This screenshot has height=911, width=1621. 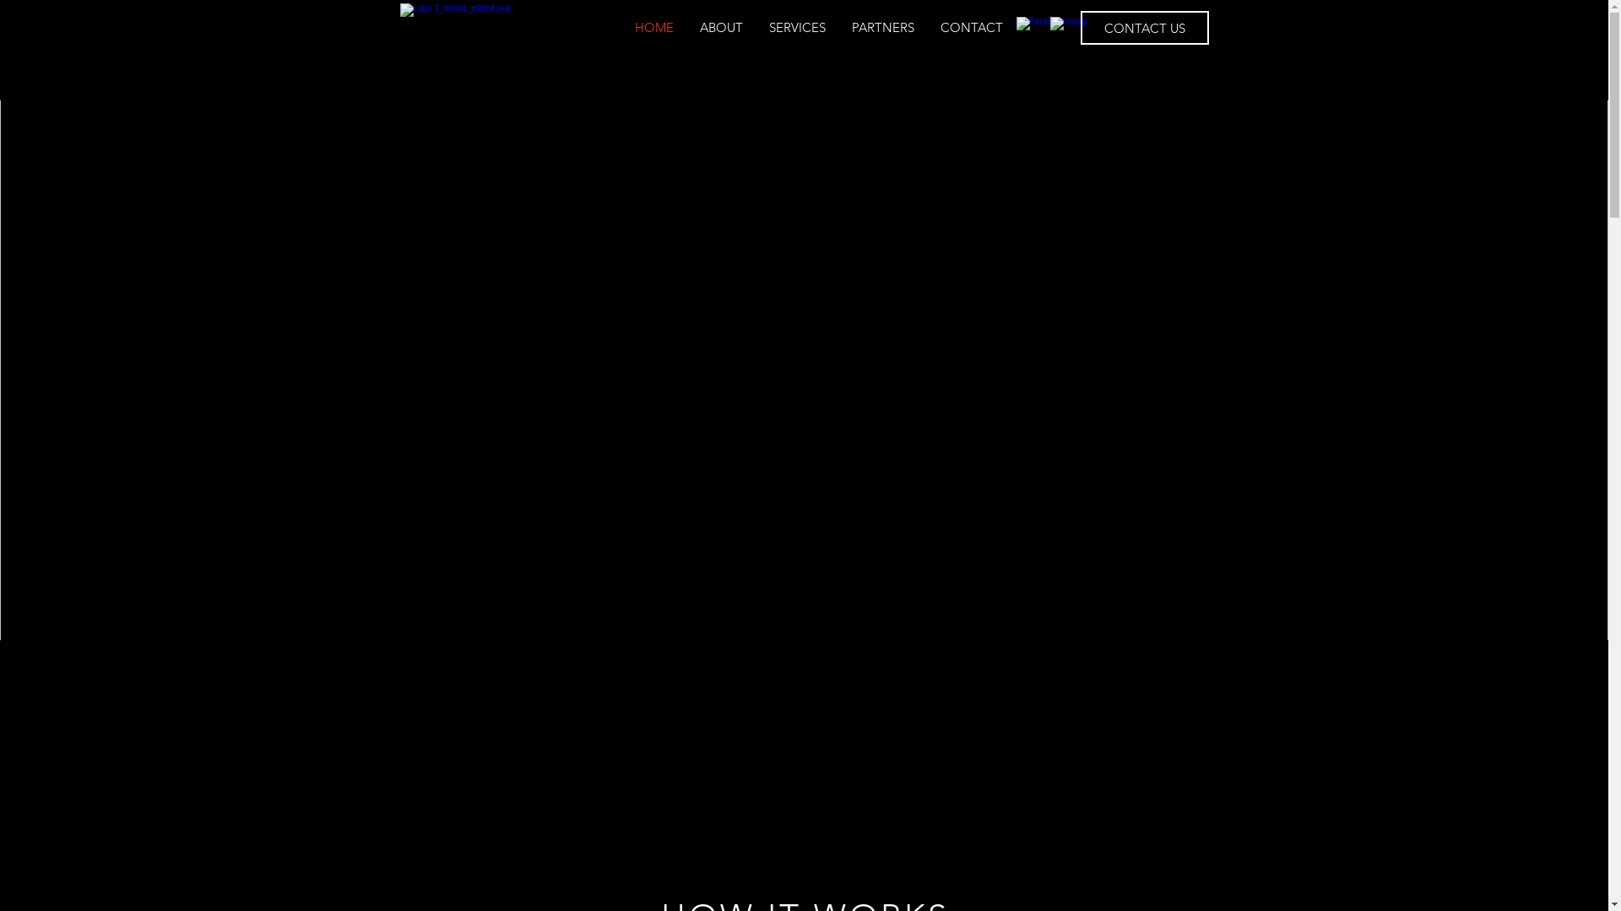 What do you see at coordinates (797, 28) in the screenshot?
I see `'SERVICES'` at bounding box center [797, 28].